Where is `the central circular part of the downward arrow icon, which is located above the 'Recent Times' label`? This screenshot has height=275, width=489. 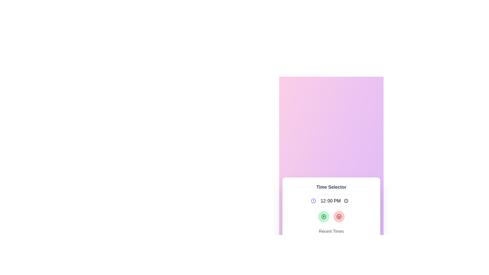 the central circular part of the downward arrow icon, which is located above the 'Recent Times' label is located at coordinates (339, 217).